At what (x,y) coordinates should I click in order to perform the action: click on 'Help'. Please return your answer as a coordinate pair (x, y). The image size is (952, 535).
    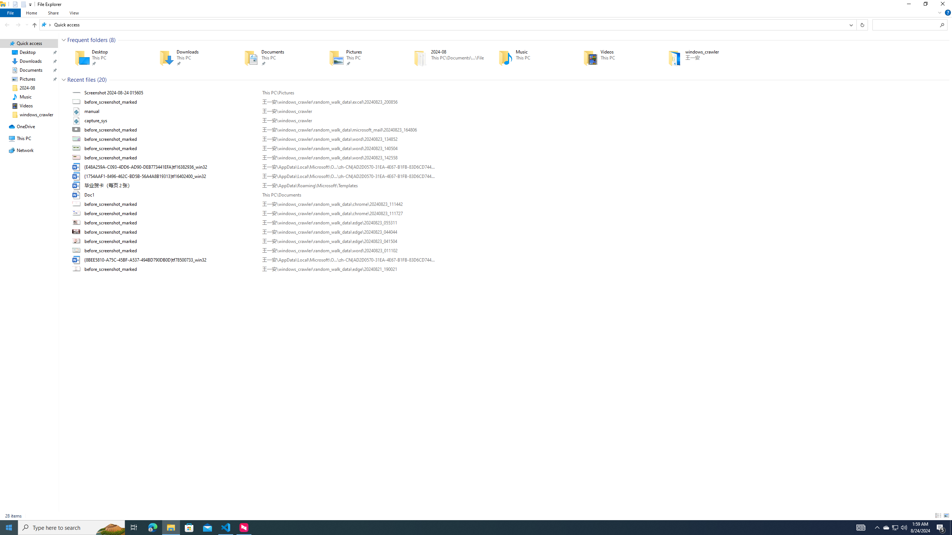
    Looking at the image, I should click on (947, 12).